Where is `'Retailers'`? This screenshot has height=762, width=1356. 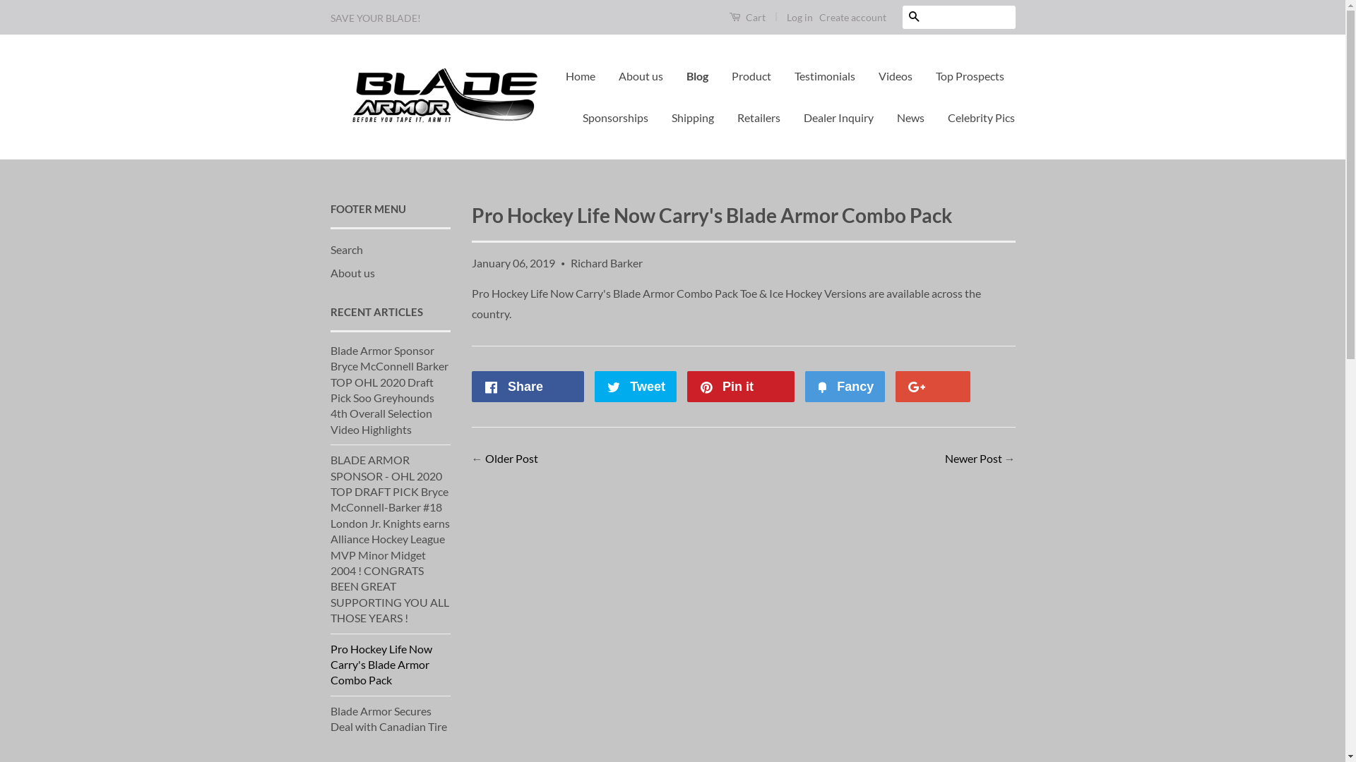
'Retailers' is located at coordinates (758, 117).